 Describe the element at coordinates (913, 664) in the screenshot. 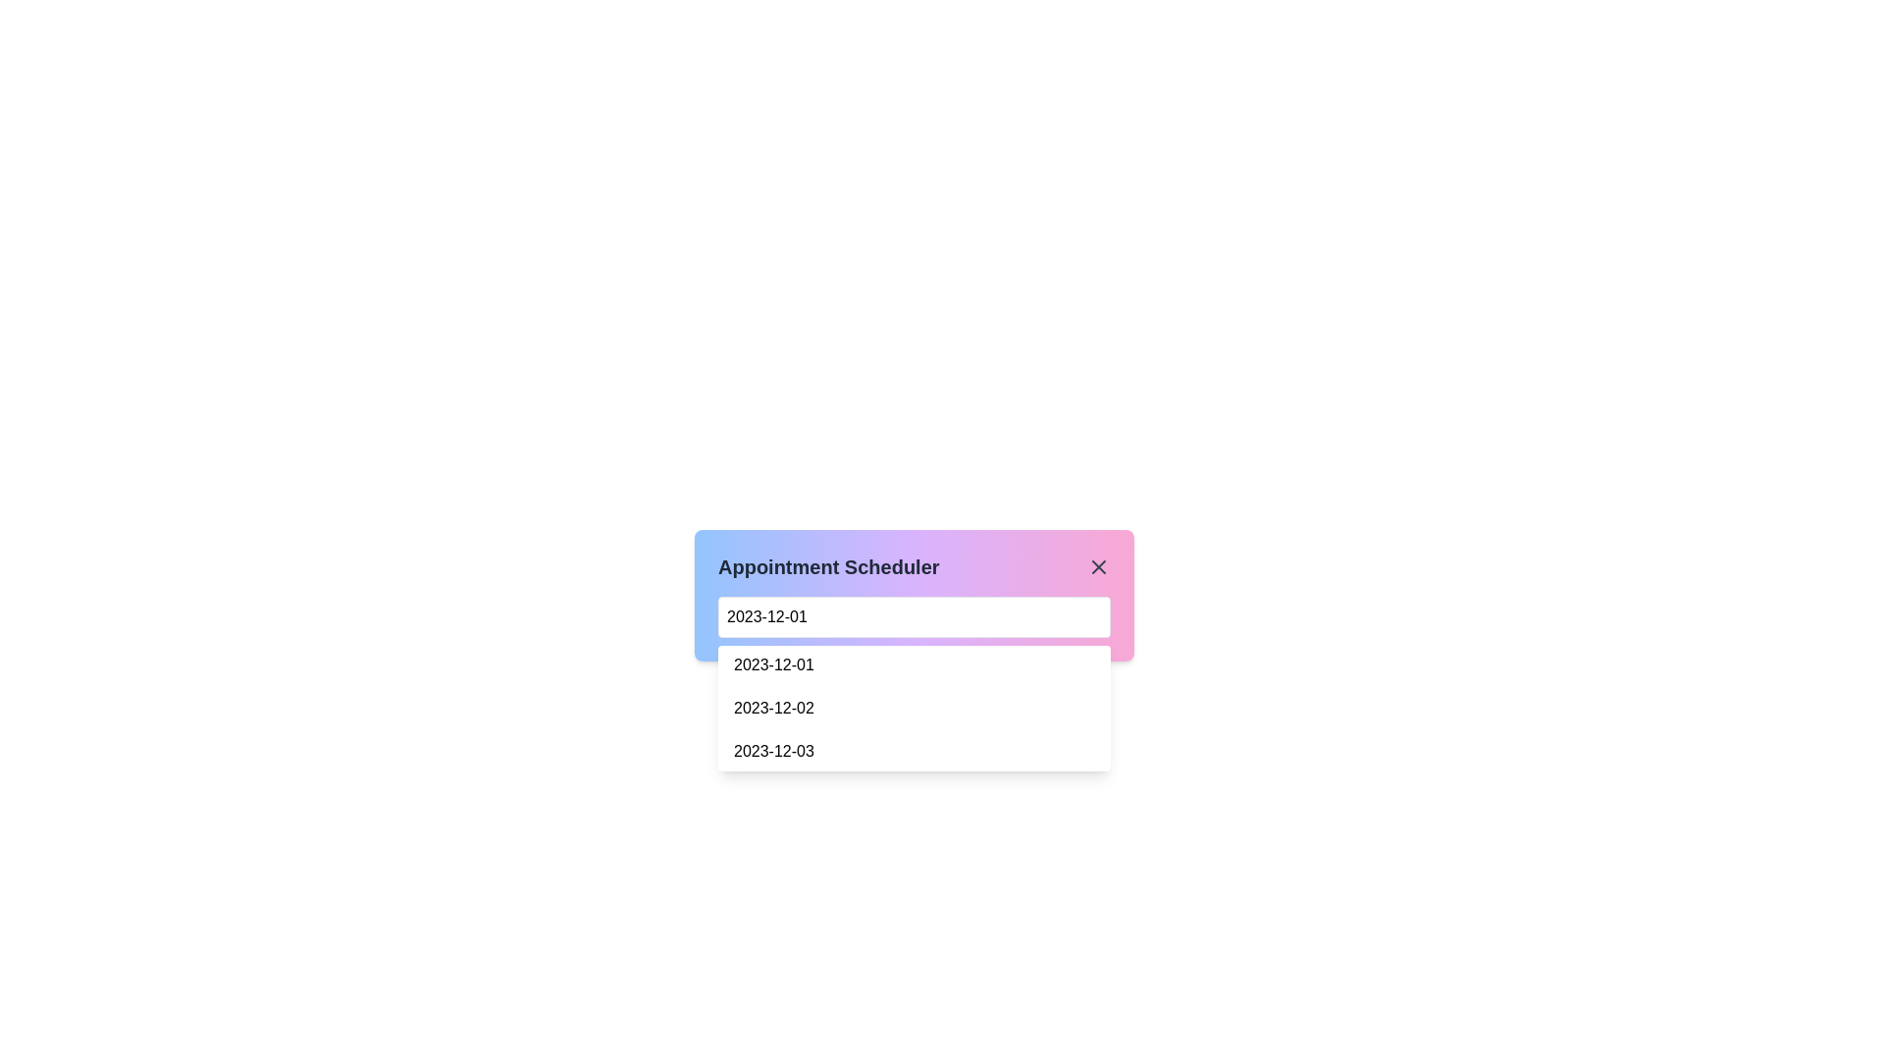

I see `the interactive list item labeled '2023-12-01'` at that location.